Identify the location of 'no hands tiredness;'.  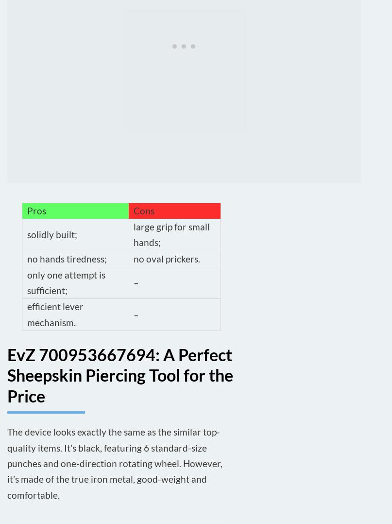
(66, 258).